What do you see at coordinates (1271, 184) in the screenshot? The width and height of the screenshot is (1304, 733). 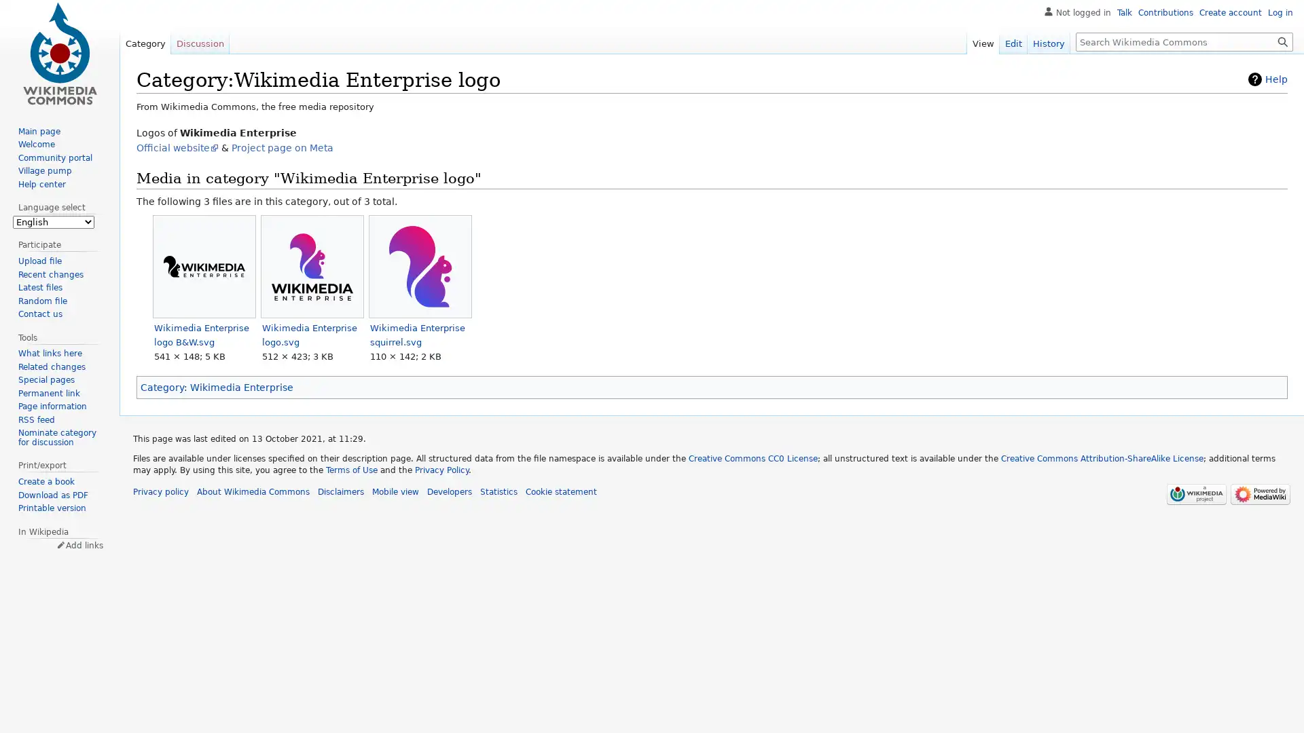 I see `Category Slideshow` at bounding box center [1271, 184].